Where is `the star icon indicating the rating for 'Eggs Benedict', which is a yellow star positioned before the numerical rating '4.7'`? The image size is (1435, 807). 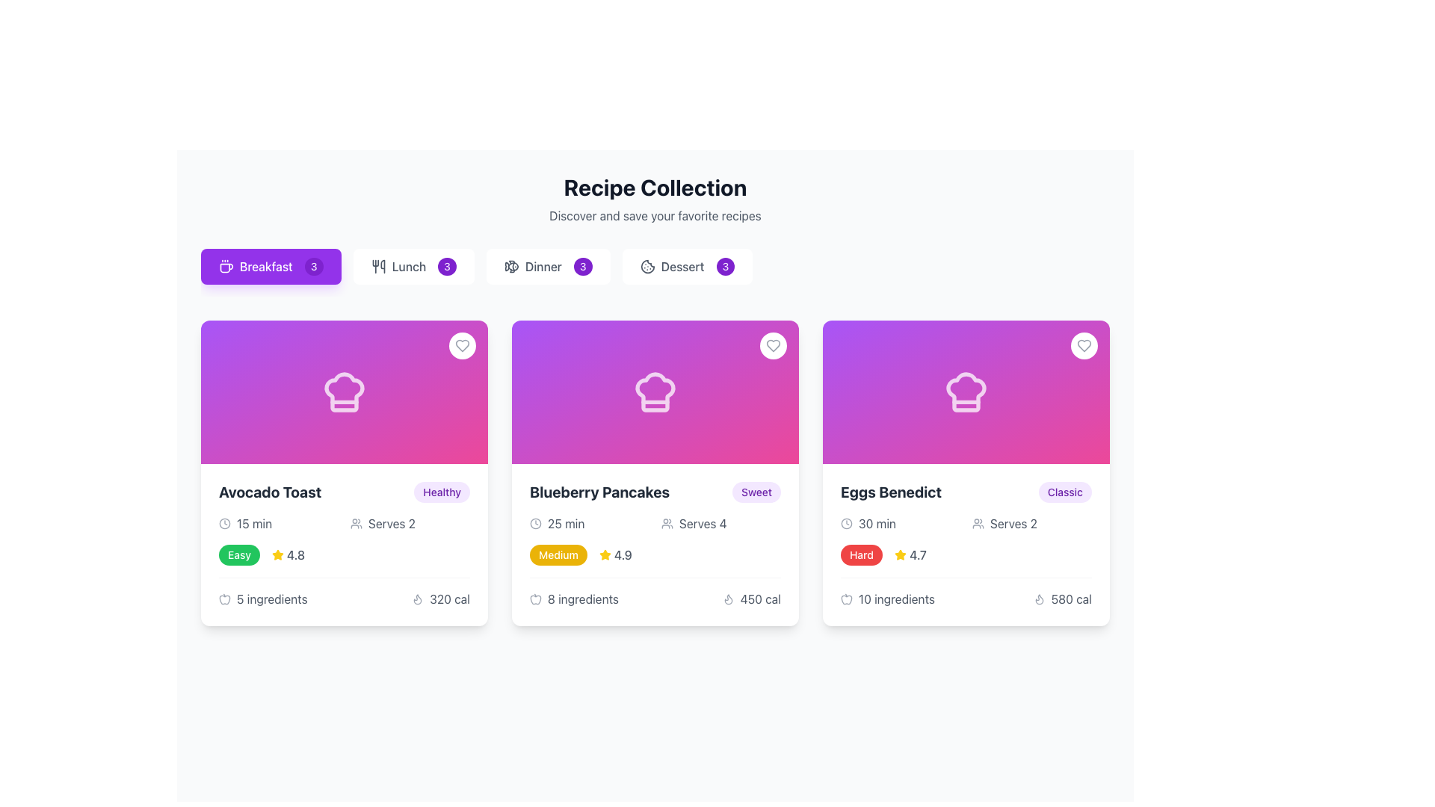 the star icon indicating the rating for 'Eggs Benedict', which is a yellow star positioned before the numerical rating '4.7' is located at coordinates (899, 555).